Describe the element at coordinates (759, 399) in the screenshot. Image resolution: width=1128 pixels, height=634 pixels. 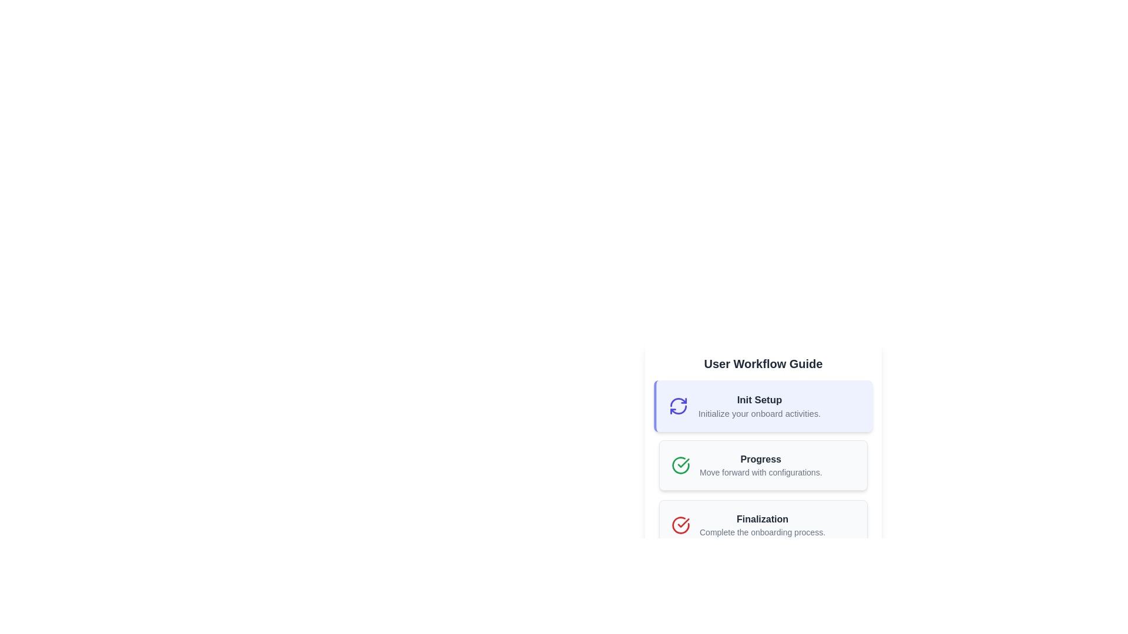
I see `the 'Init Setup' text label, which serves as the header for the current step in the interface, positioned in the upper section of the structured list` at that location.